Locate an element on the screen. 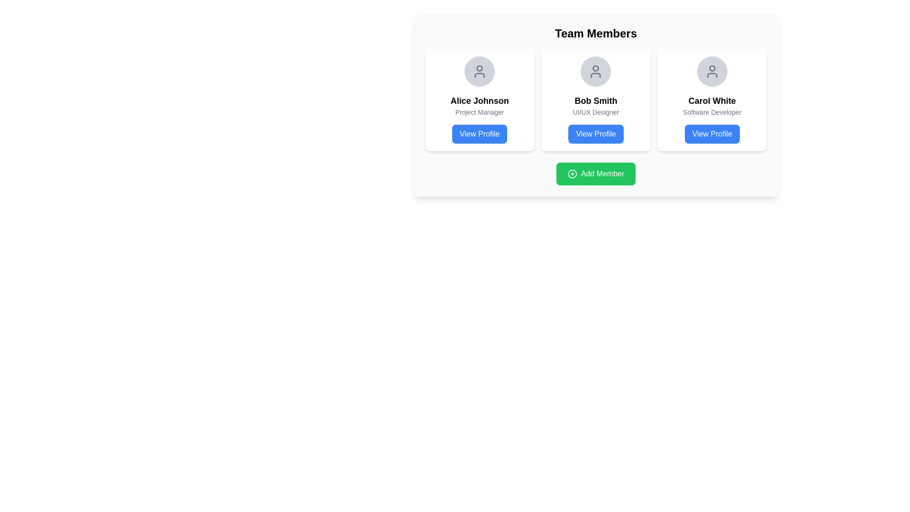 This screenshot has height=512, width=910. the small circular graphical feature within the upper portion of the gray circular user icon representing user 'Bob Smith' is located at coordinates (595, 68).